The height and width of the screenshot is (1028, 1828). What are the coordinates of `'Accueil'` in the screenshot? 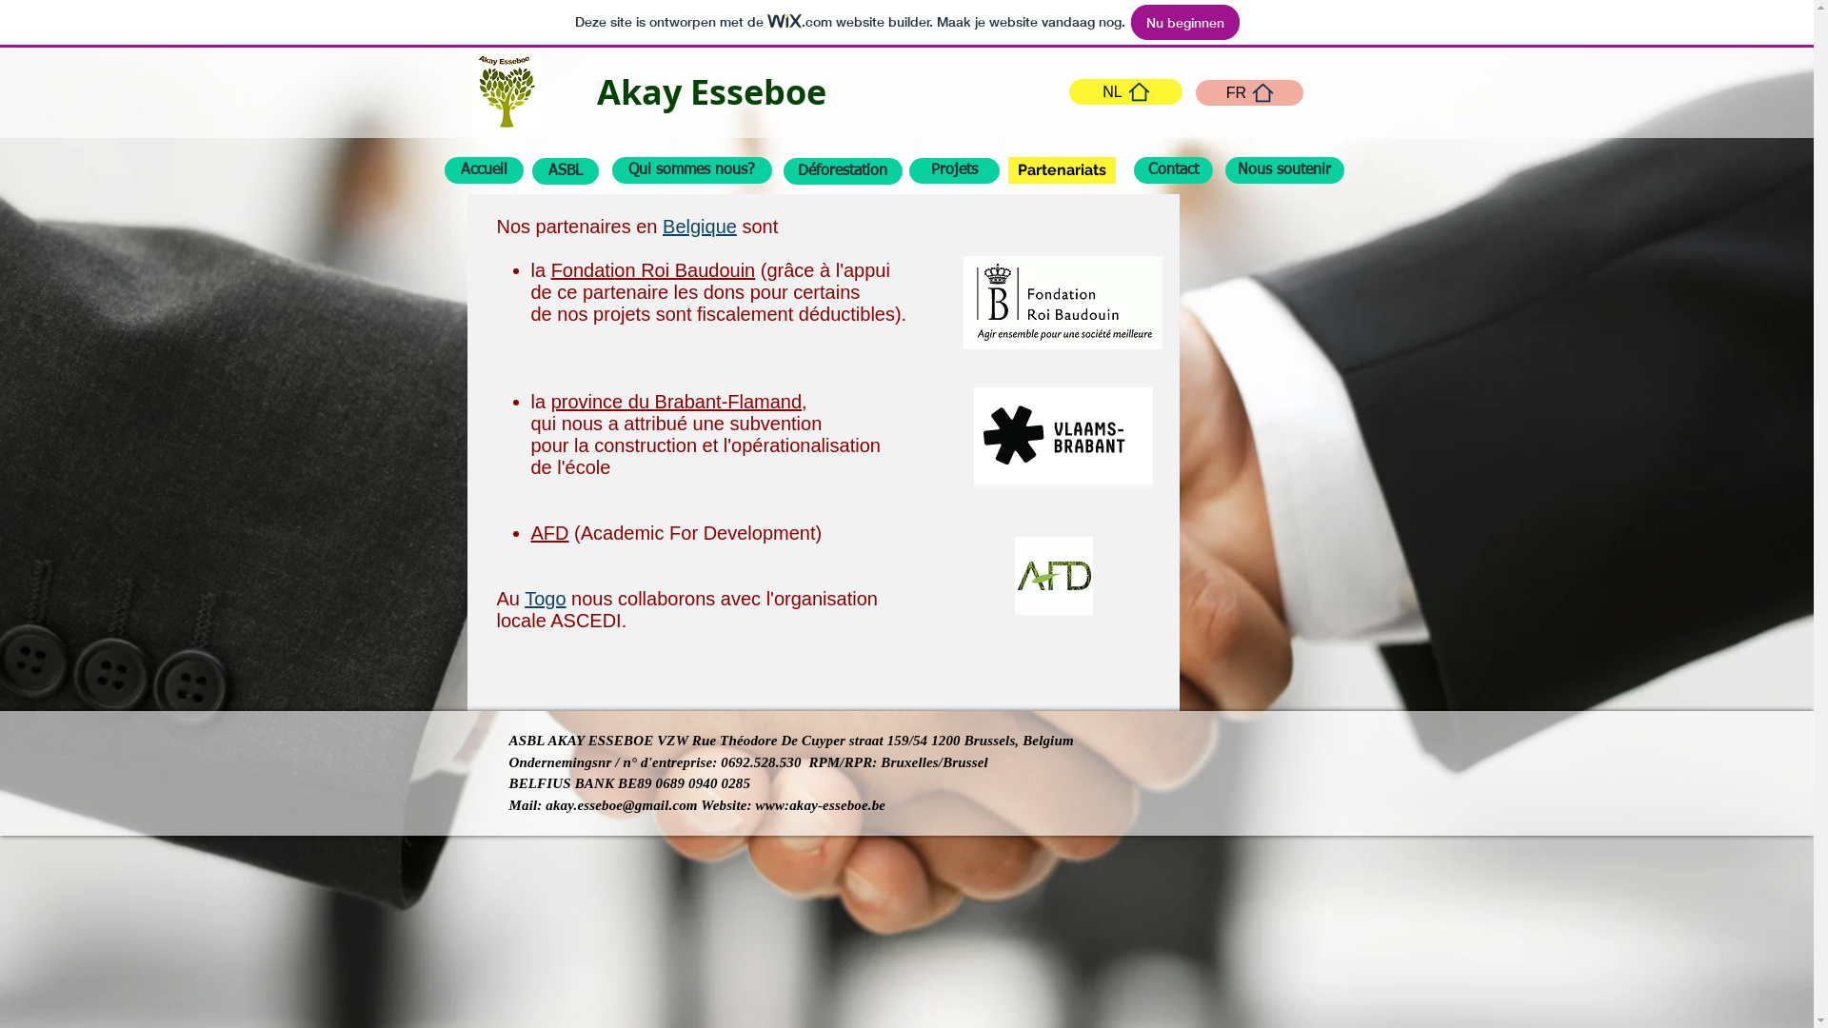 It's located at (483, 168).